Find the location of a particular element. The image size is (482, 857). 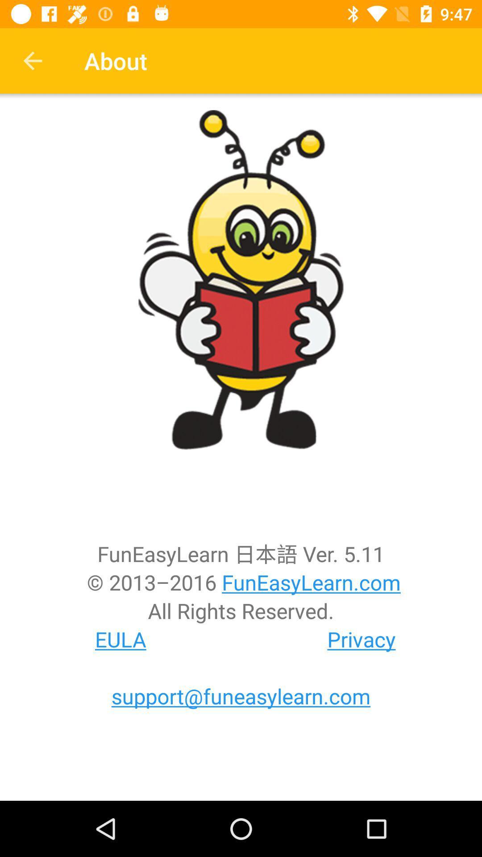

2013 2016 funeasylearn icon is located at coordinates (241, 582).